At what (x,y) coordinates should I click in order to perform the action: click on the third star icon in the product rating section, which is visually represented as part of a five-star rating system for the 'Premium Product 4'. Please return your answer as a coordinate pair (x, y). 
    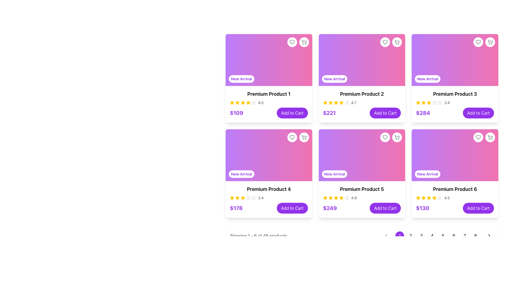
    Looking at the image, I should click on (238, 198).